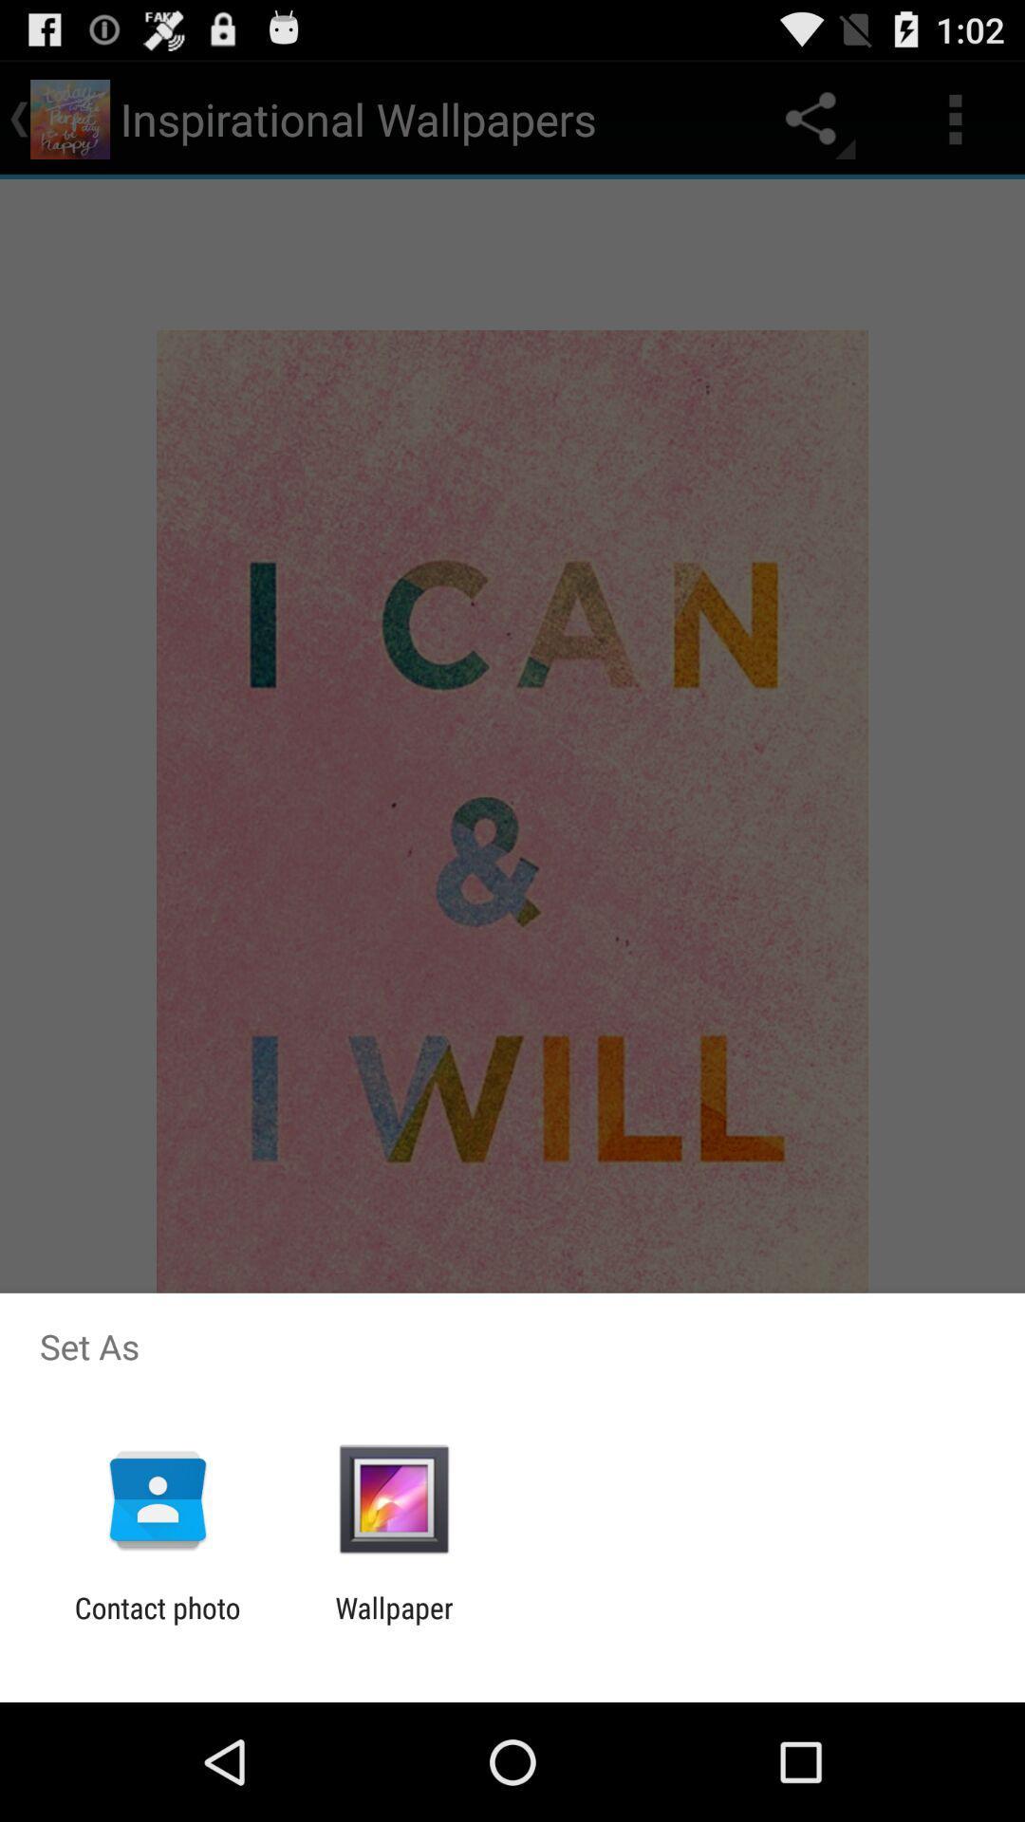 Image resolution: width=1025 pixels, height=1822 pixels. I want to click on contact photo icon, so click(157, 1624).